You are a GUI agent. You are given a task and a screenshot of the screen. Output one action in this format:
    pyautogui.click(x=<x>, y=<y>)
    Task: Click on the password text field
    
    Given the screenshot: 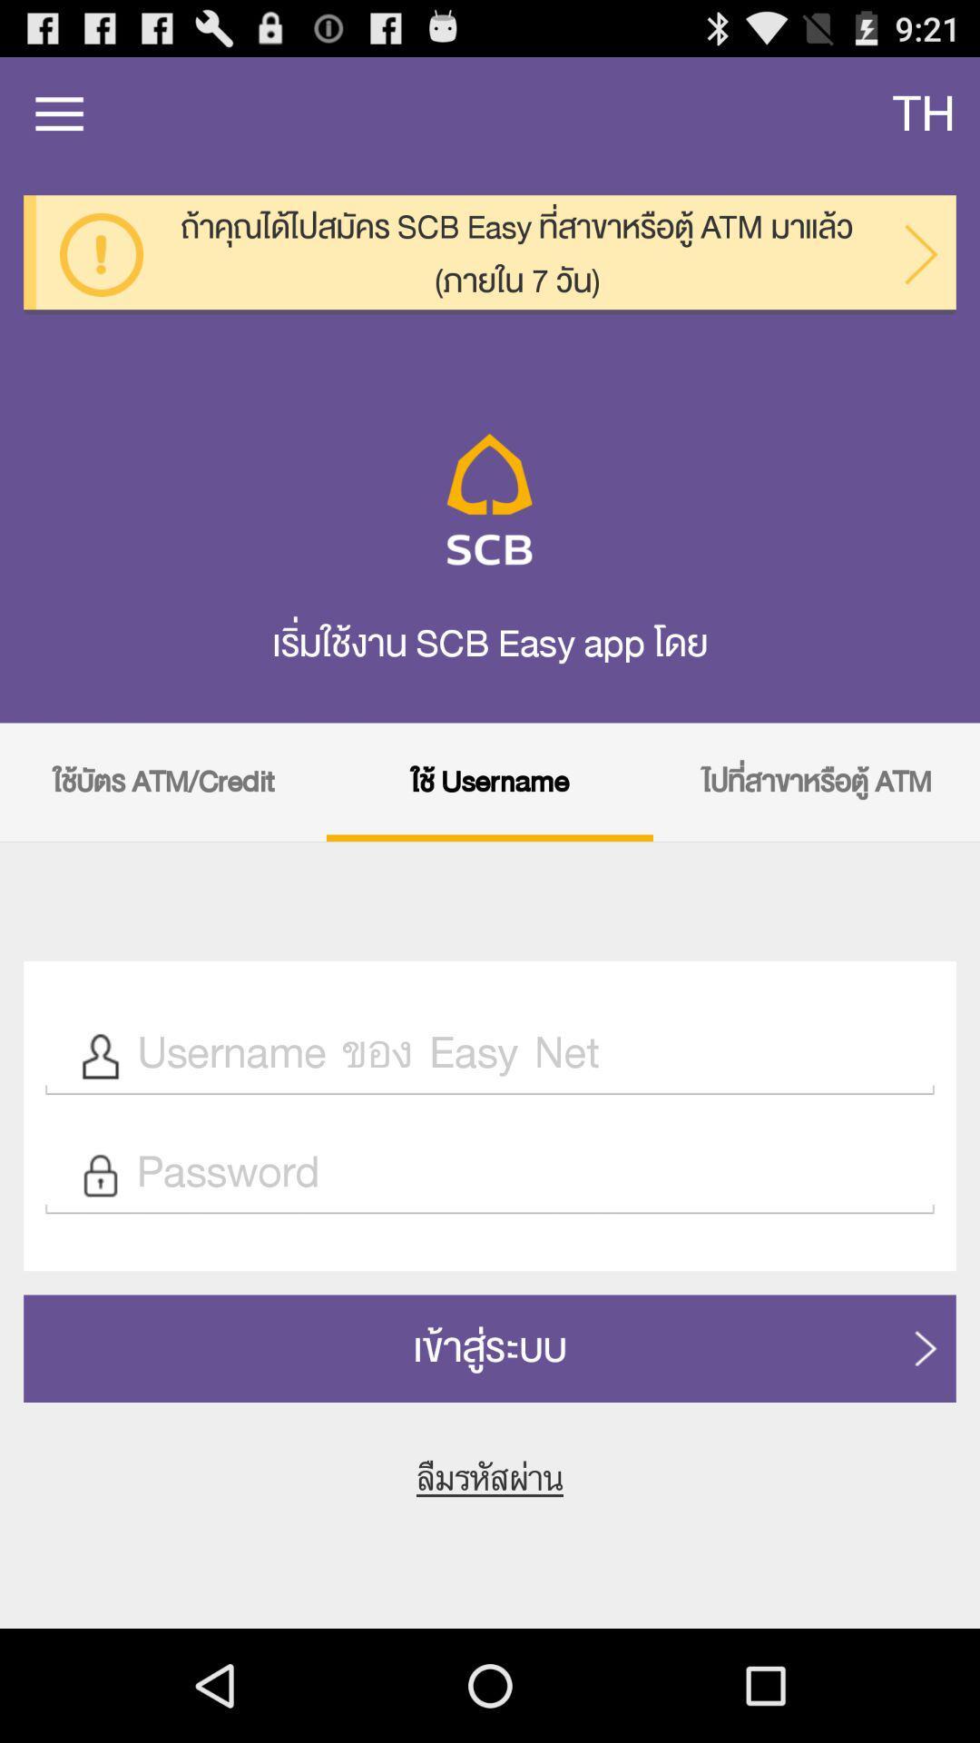 What is the action you would take?
    pyautogui.click(x=525, y=1175)
    